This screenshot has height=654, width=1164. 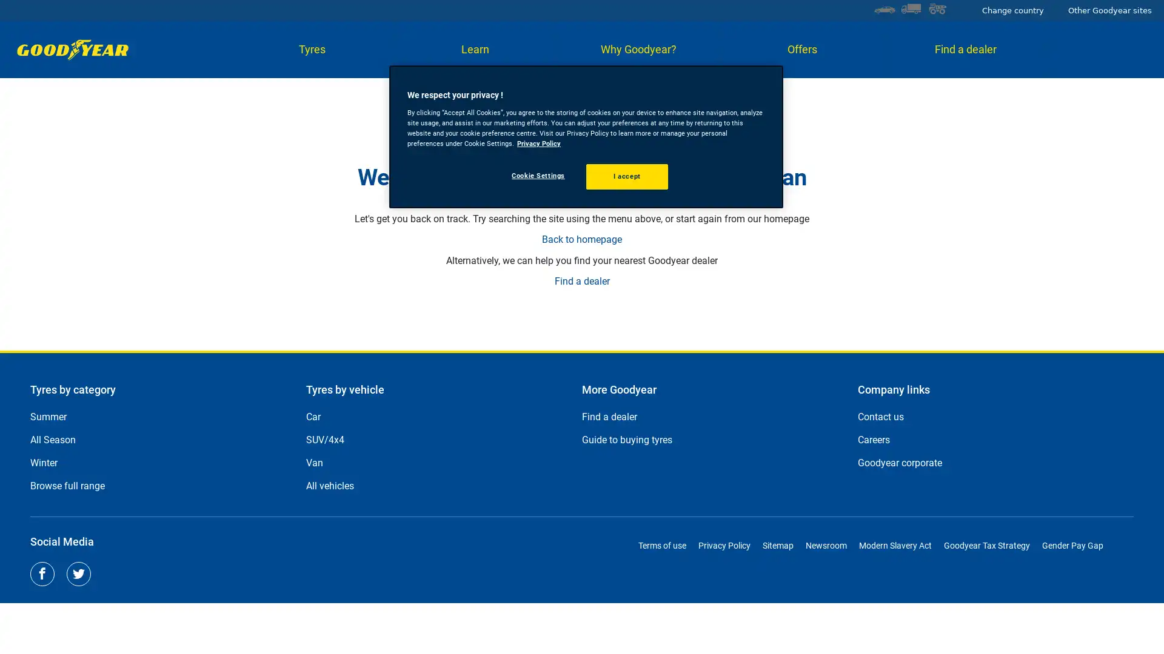 What do you see at coordinates (537, 175) in the screenshot?
I see `Cookie Settings` at bounding box center [537, 175].